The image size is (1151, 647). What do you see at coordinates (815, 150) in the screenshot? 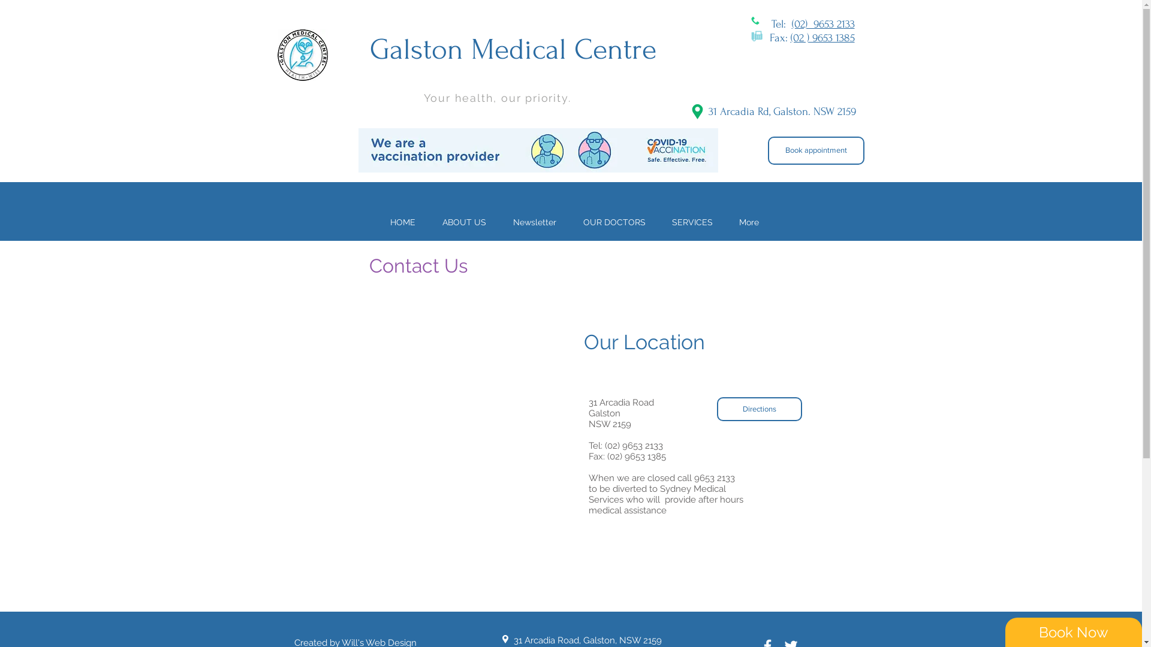
I see `'Book appointment'` at bounding box center [815, 150].